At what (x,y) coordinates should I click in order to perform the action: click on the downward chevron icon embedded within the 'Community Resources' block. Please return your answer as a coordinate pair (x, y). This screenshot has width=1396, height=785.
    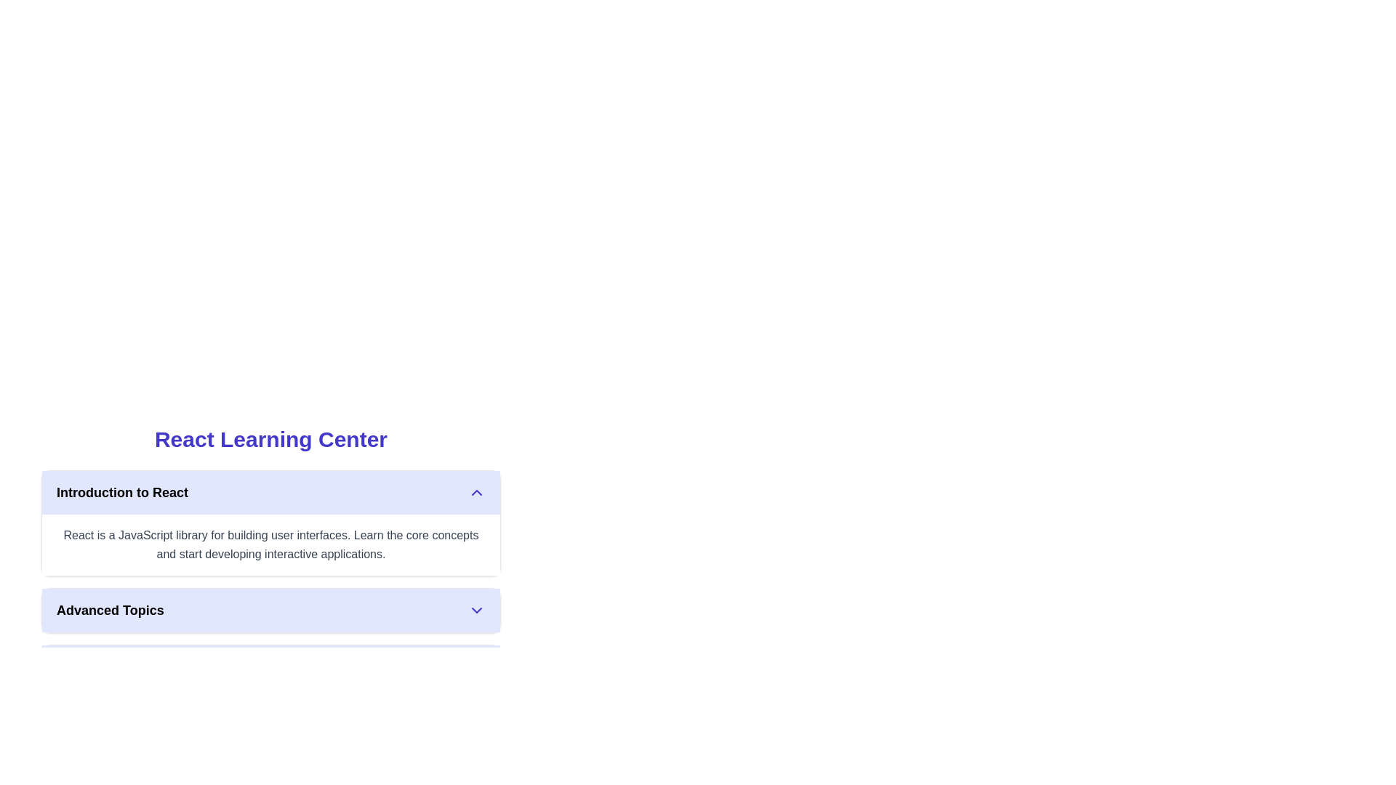
    Looking at the image, I should click on (477, 667).